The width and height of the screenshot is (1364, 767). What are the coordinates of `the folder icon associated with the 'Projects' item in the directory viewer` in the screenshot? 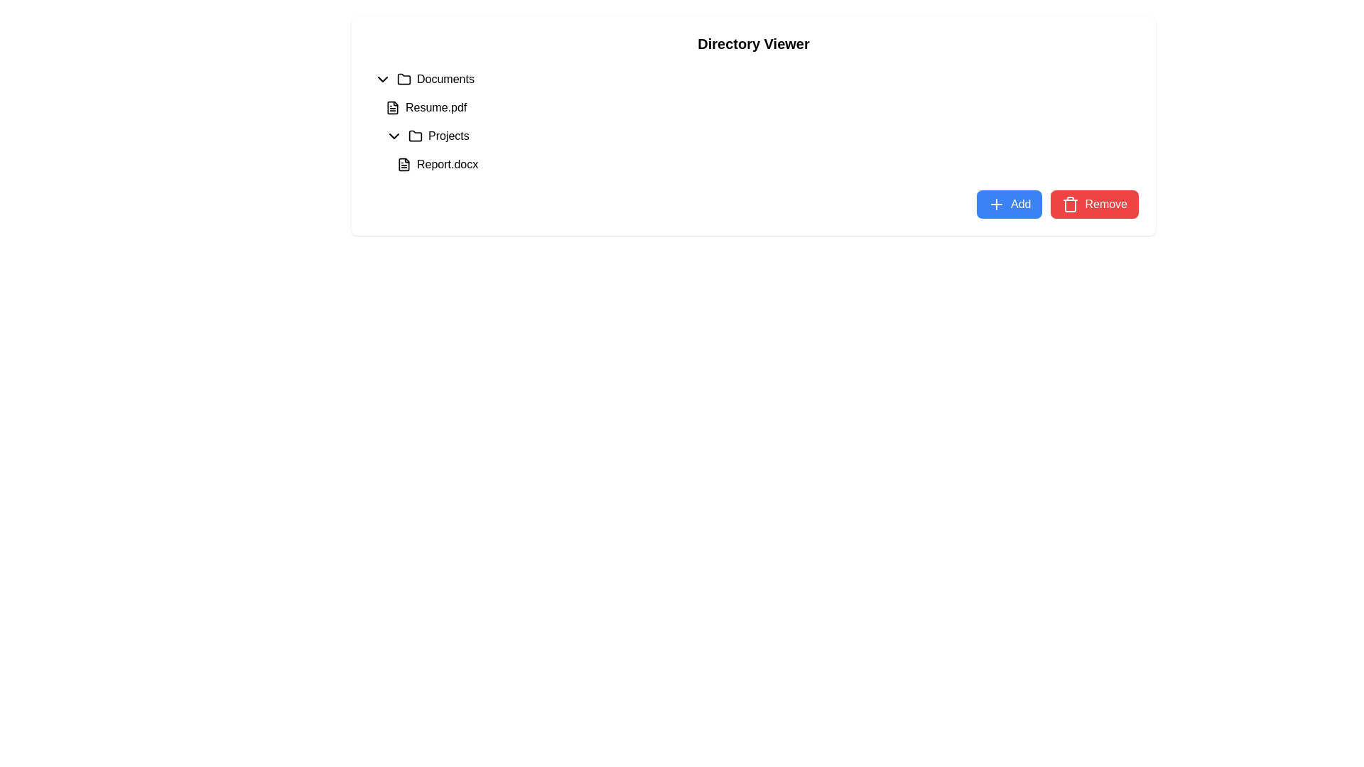 It's located at (415, 136).